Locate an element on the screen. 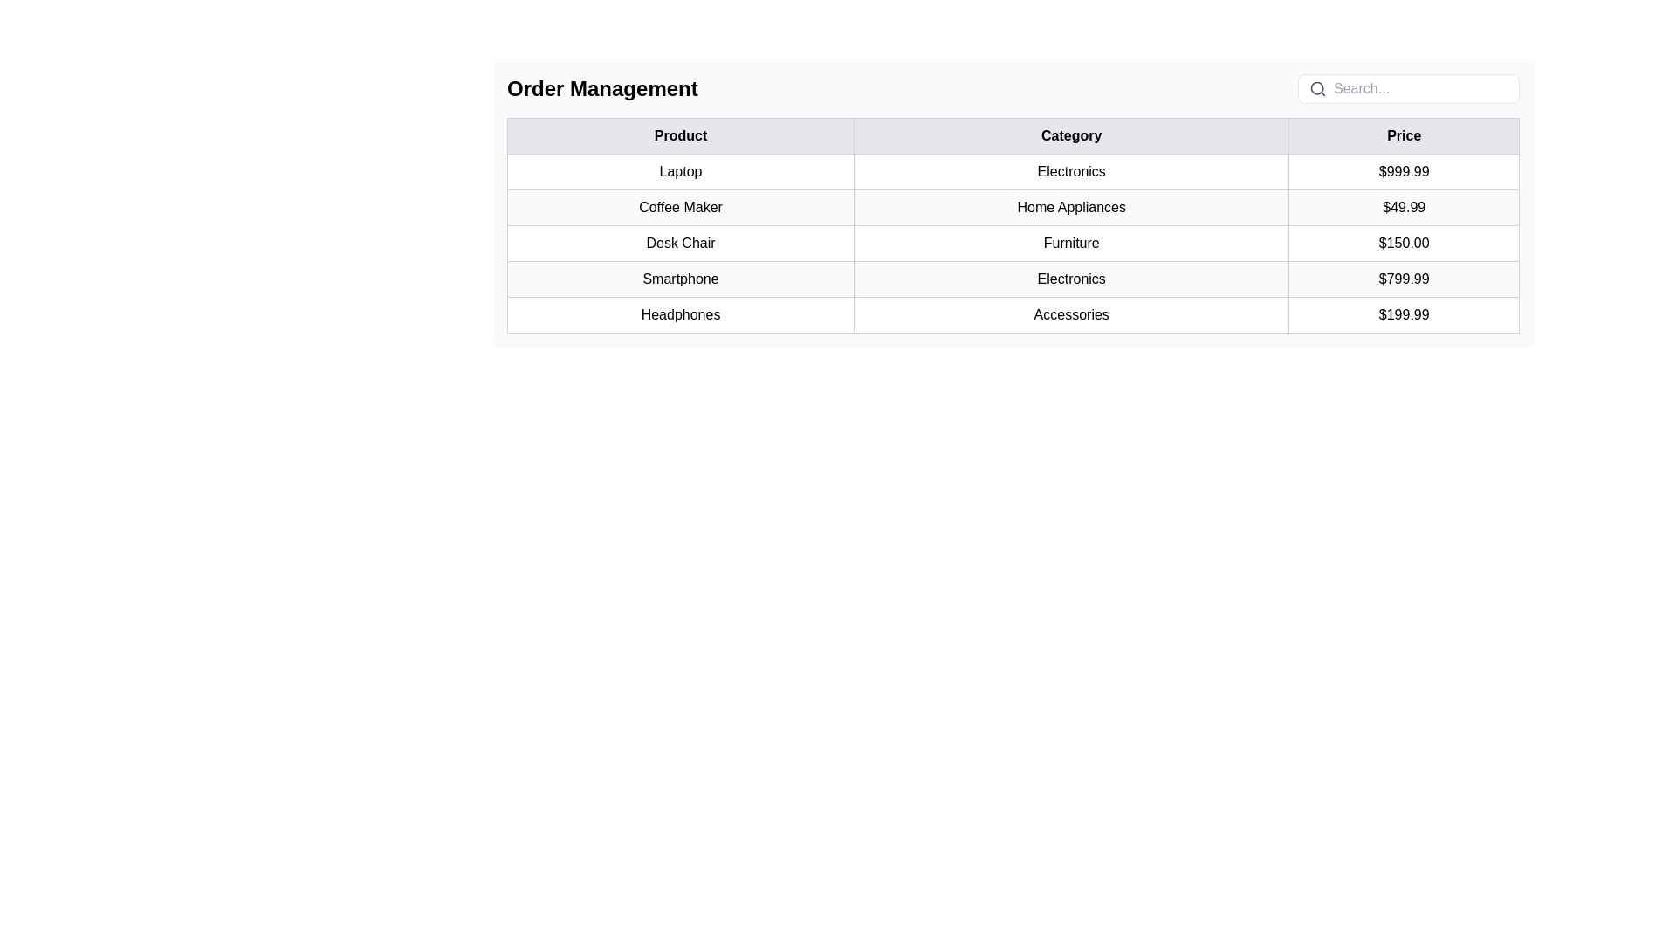 This screenshot has width=1676, height=943. the price text element displaying the price of the 'Headphones' product in the table, located at the intersection of the 'Headphones' row and 'Price' column is located at coordinates (1404, 315).